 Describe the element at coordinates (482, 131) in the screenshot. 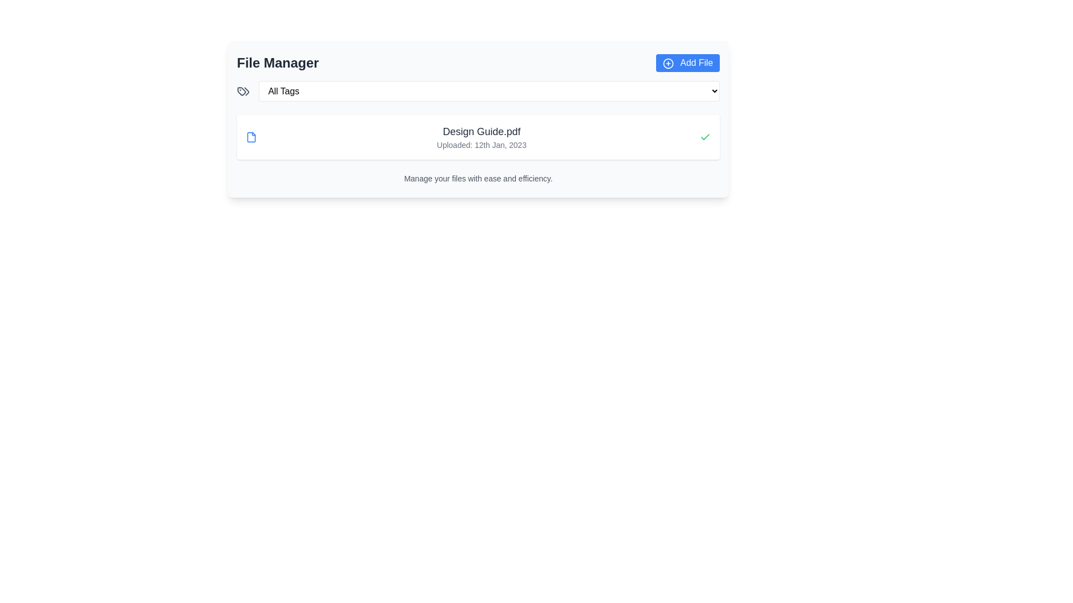

I see `the static text label displaying the file name 'Design Guide.pdf', which is visually distinct with bold styling and a gray color scheme, located within the file management interface` at that location.